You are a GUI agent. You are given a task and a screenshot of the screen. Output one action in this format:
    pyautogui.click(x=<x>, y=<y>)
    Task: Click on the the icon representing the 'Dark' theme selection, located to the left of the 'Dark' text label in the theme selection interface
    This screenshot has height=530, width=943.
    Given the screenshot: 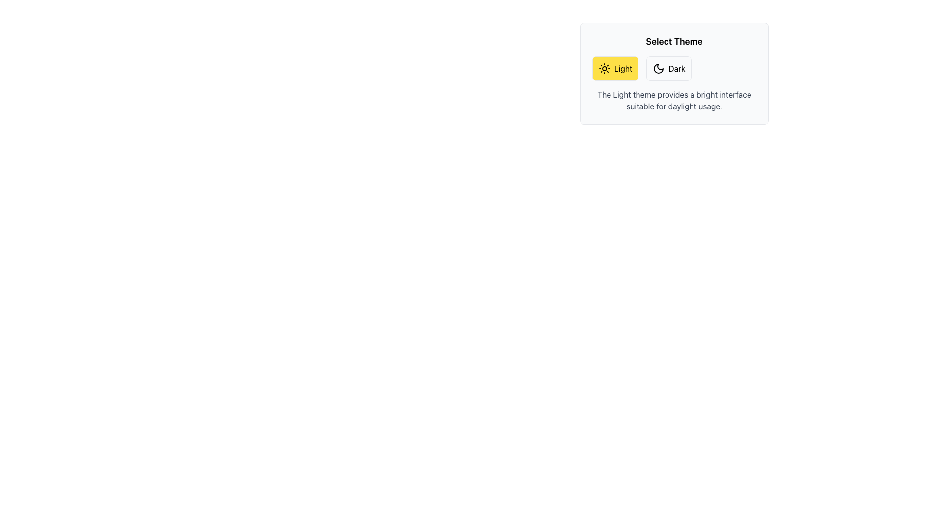 What is the action you would take?
    pyautogui.click(x=659, y=68)
    